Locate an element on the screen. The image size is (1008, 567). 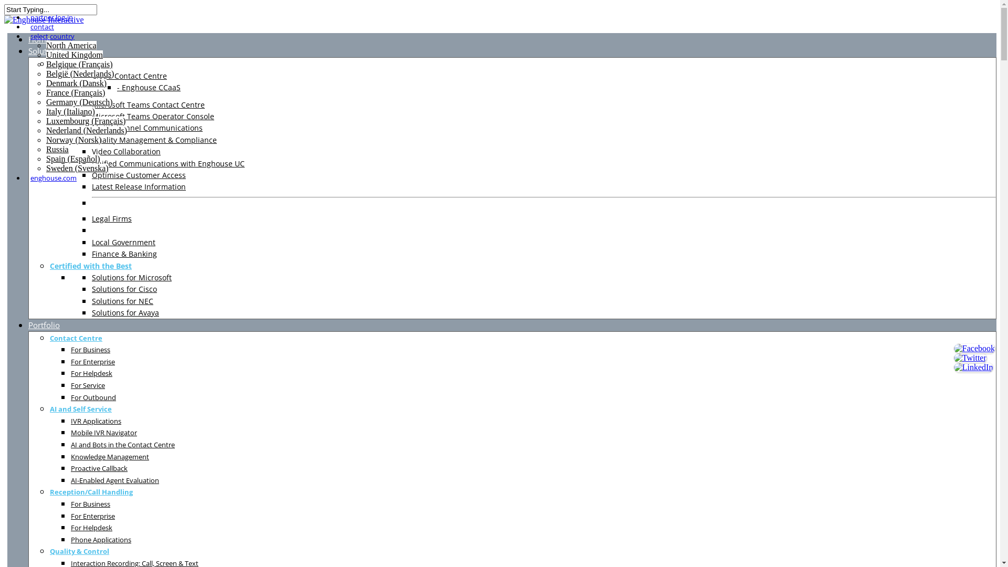
'enghouse.com' is located at coordinates (52, 177).